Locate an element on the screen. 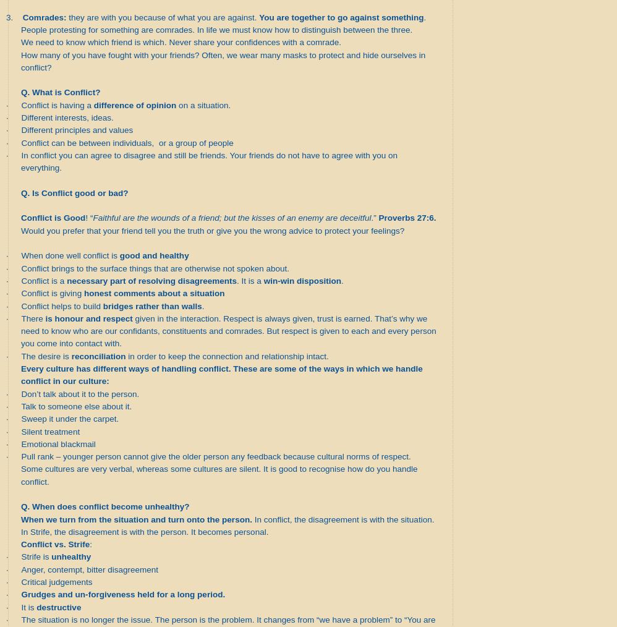 The image size is (617, 627). 'Different interests, ideas.' is located at coordinates (67, 117).